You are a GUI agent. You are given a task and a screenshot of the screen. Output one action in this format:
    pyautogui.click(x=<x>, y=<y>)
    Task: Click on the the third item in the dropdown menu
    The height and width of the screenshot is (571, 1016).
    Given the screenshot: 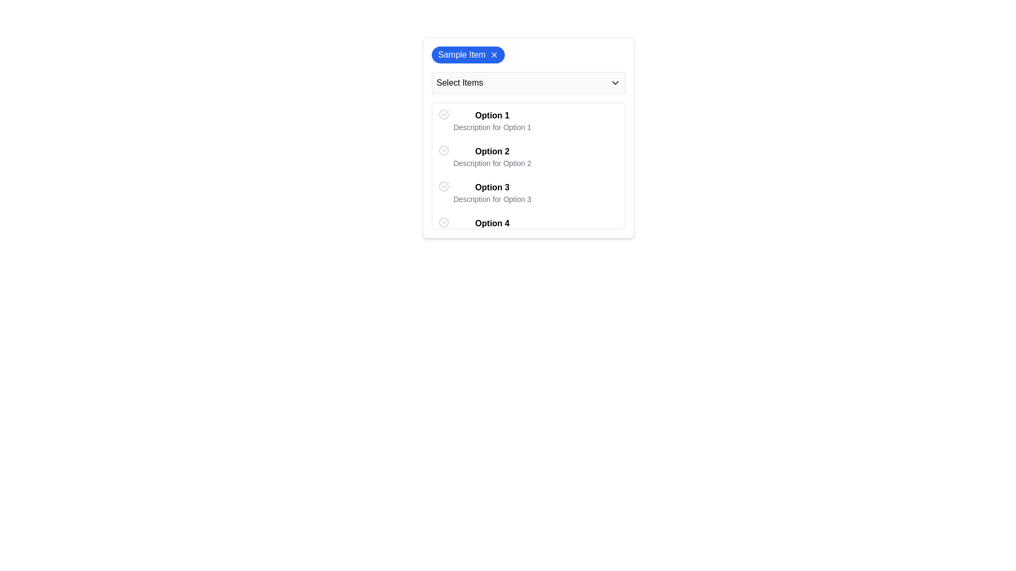 What is the action you would take?
    pyautogui.click(x=528, y=193)
    